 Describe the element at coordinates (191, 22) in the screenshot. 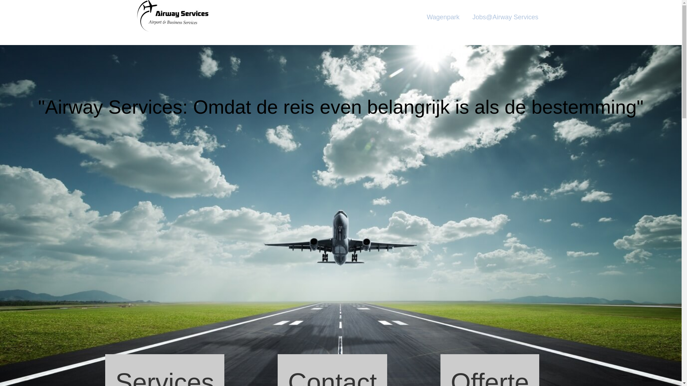

I see `'Airway'` at that location.